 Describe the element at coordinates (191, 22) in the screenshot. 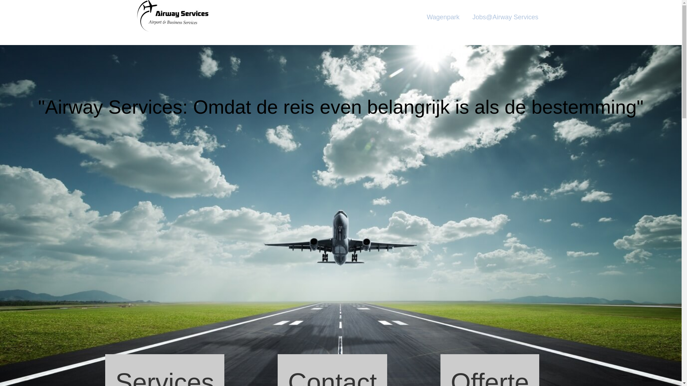

I see `'Airway'` at that location.